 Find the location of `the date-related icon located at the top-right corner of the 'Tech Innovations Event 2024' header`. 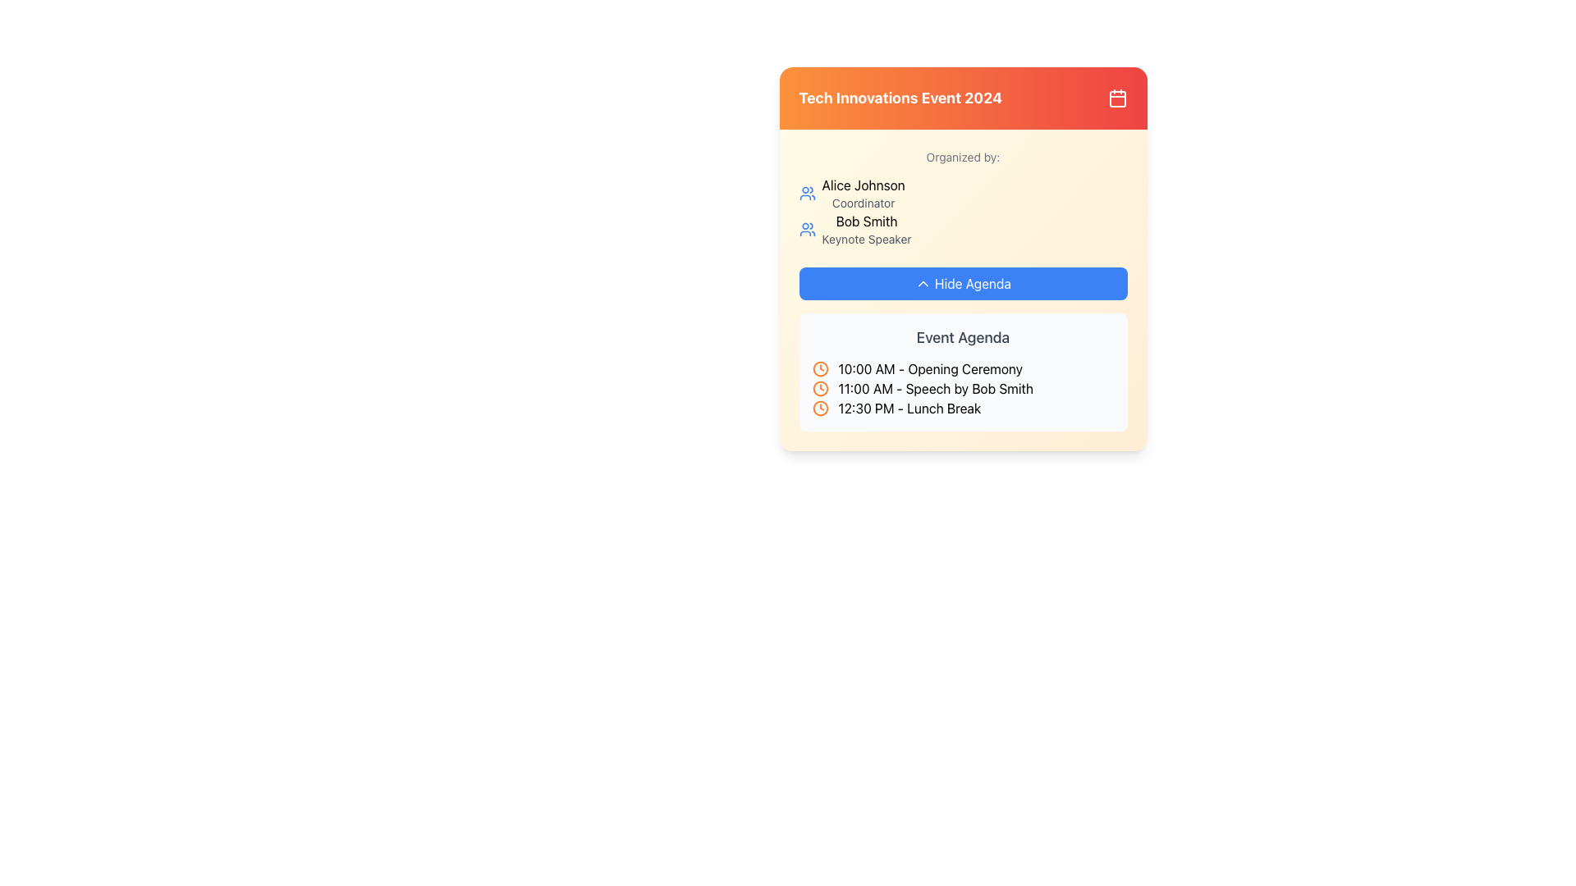

the date-related icon located at the top-right corner of the 'Tech Innovations Event 2024' header is located at coordinates (1116, 98).